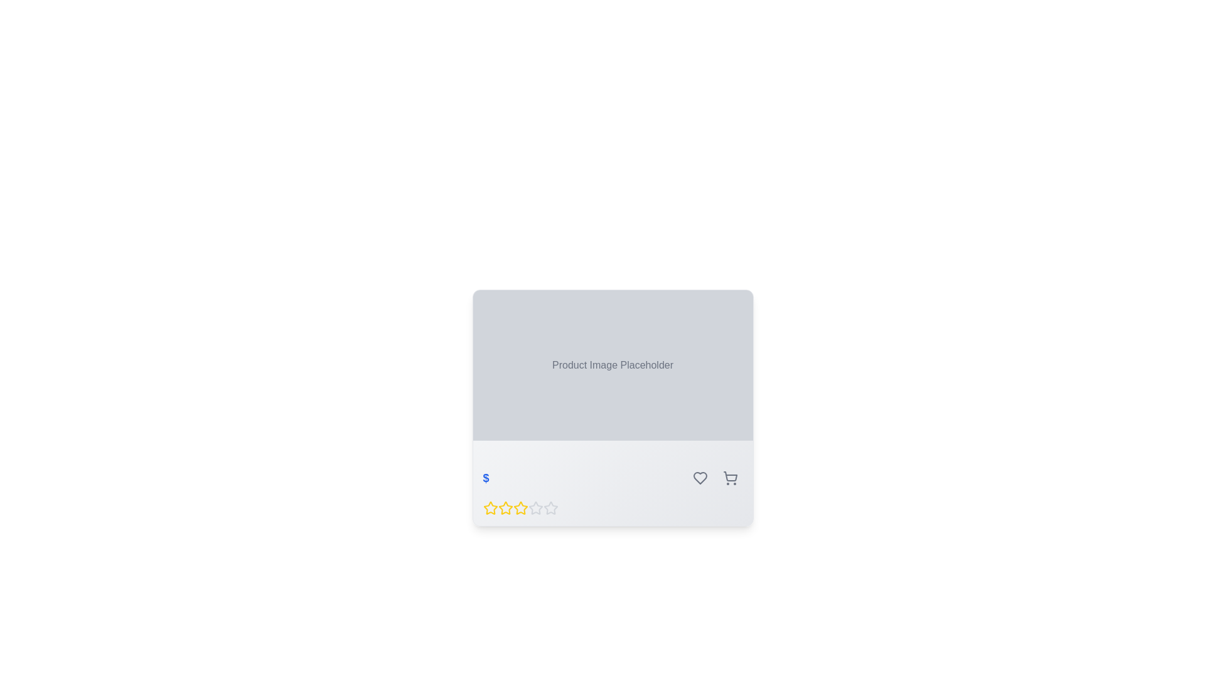 This screenshot has height=677, width=1205. Describe the element at coordinates (535, 508) in the screenshot. I see `the fourth star icon in the rating system` at that location.